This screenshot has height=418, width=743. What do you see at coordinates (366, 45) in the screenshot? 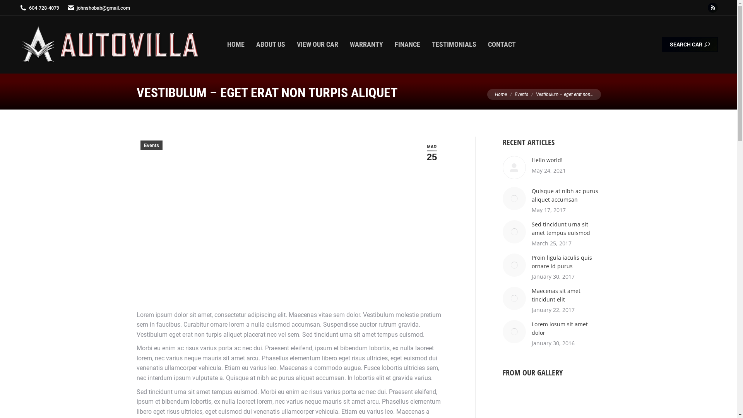
I see `'WARRANTY'` at bounding box center [366, 45].